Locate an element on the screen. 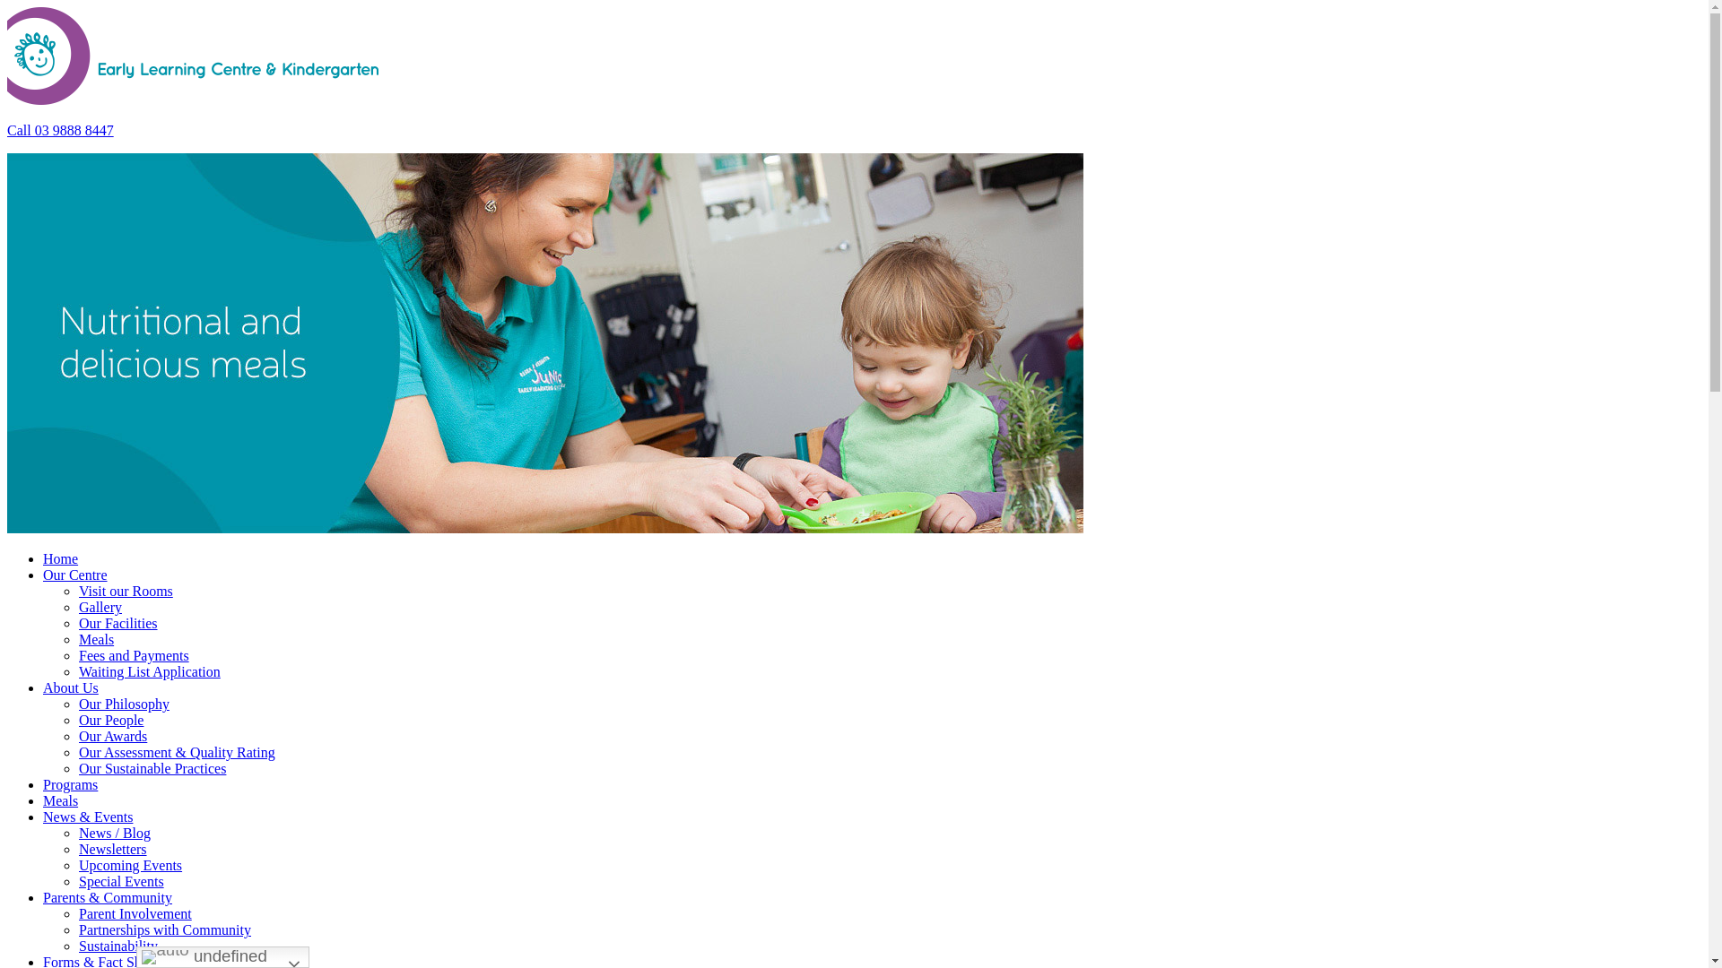 This screenshot has height=968, width=1722. 'Our Facilities' is located at coordinates (77, 622).